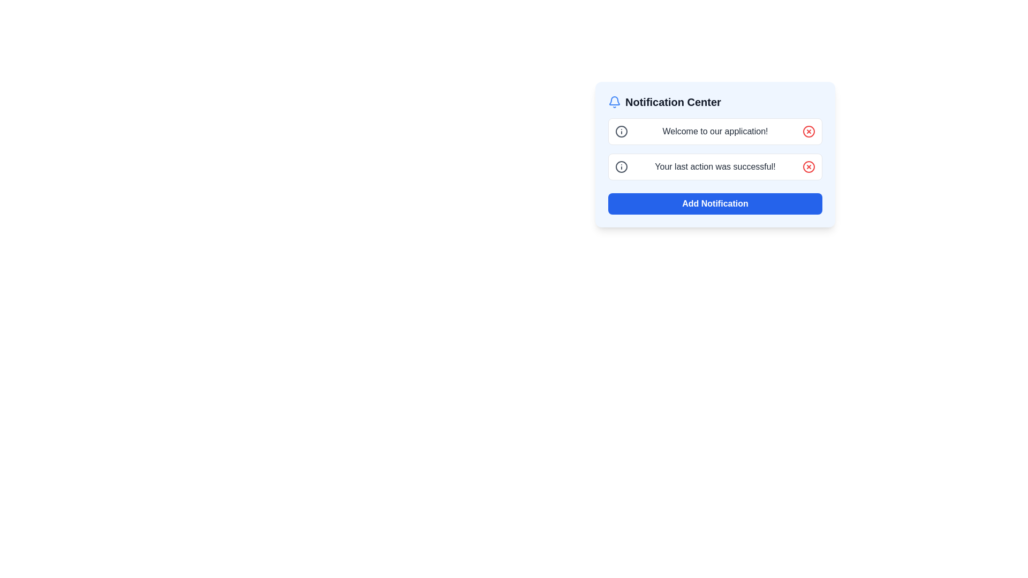  What do you see at coordinates (809, 131) in the screenshot?
I see `the circular red cross button at the top right of the notification box` at bounding box center [809, 131].